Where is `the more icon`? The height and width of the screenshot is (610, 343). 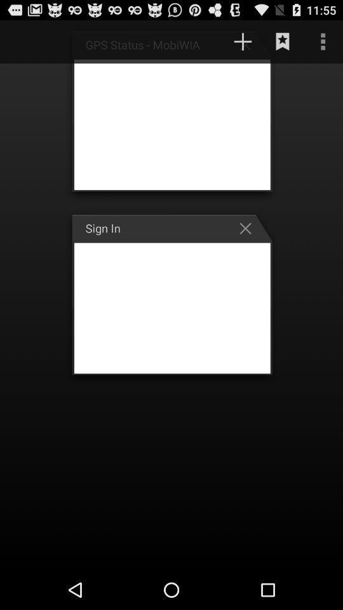
the more icon is located at coordinates (323, 44).